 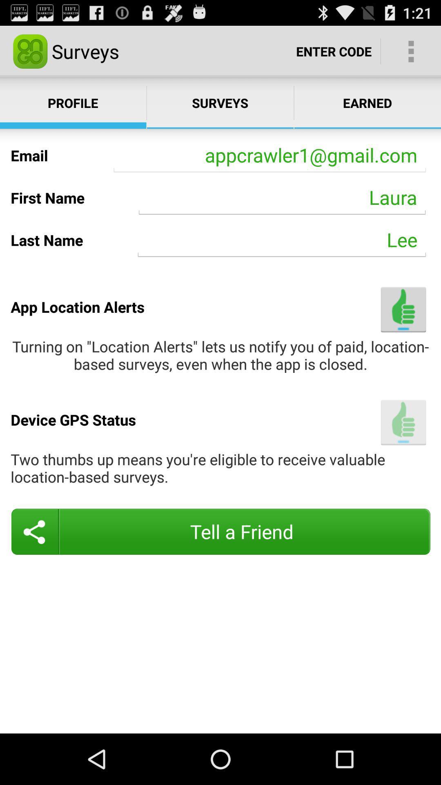 I want to click on the enter code icon, so click(x=334, y=51).